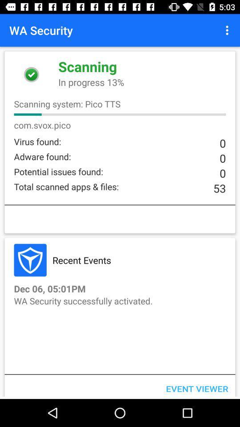 Image resolution: width=240 pixels, height=427 pixels. What do you see at coordinates (228, 30) in the screenshot?
I see `the item above the in progress 17%` at bounding box center [228, 30].